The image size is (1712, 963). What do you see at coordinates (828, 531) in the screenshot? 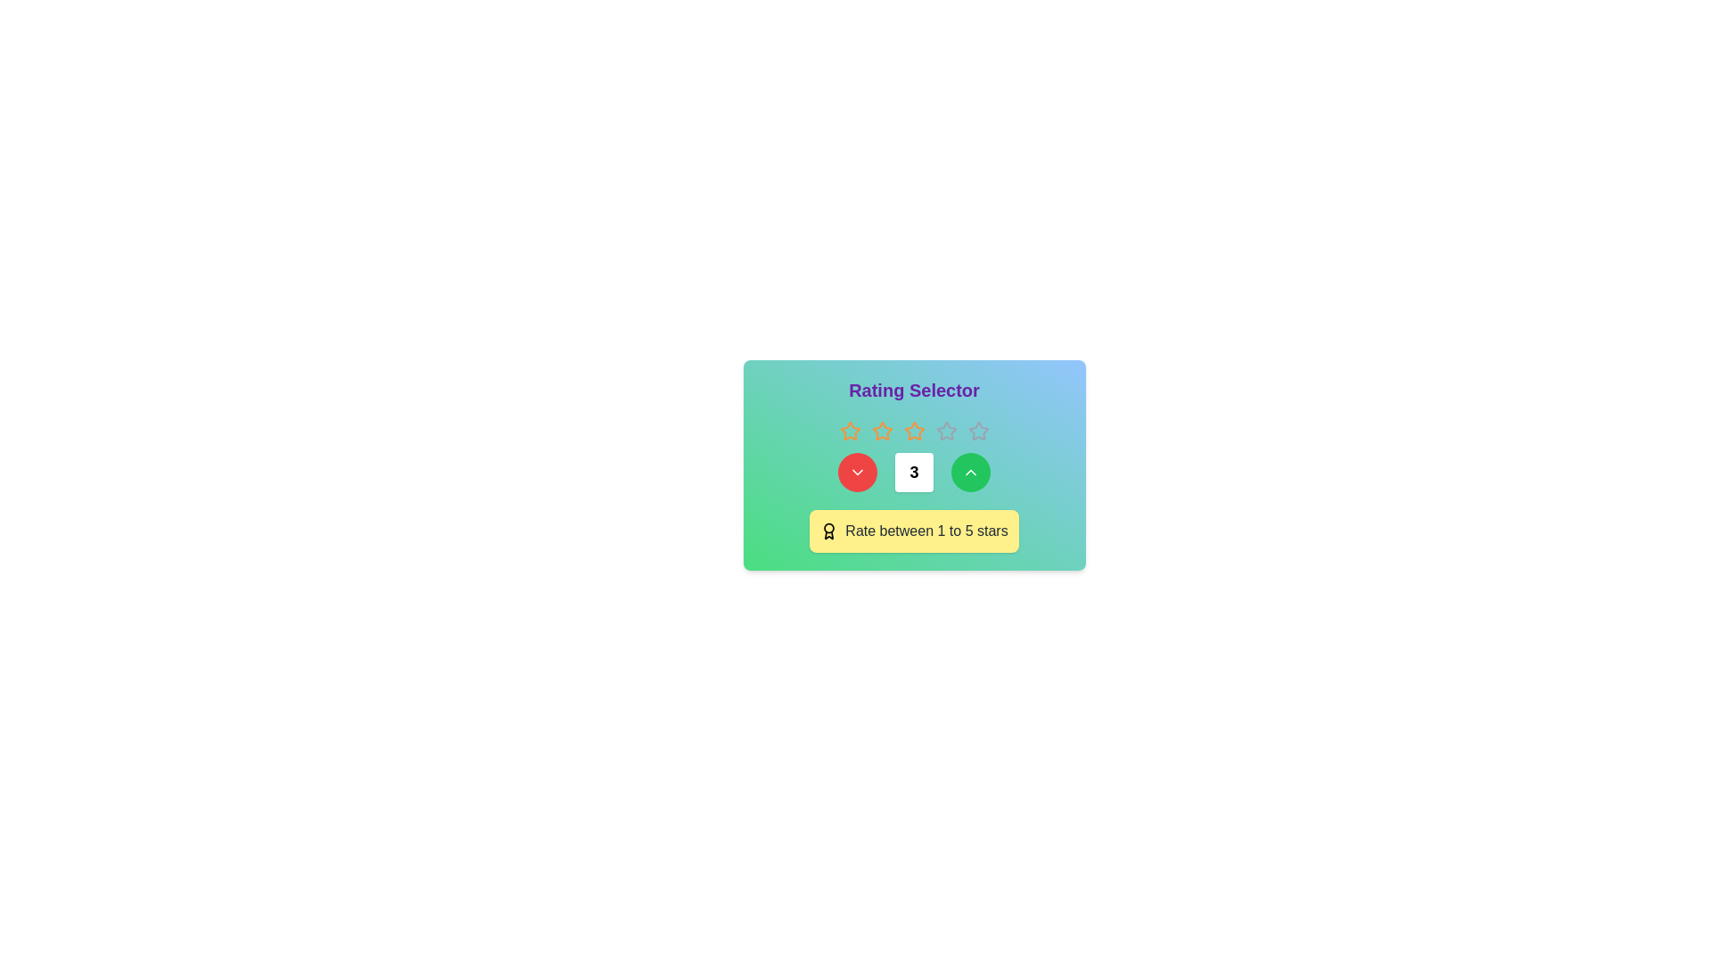
I see `the award ribbon icon located on the left side of the yellow rectangular background, adjacent to the 'Rate between 1 to 5 stars' text` at bounding box center [828, 531].